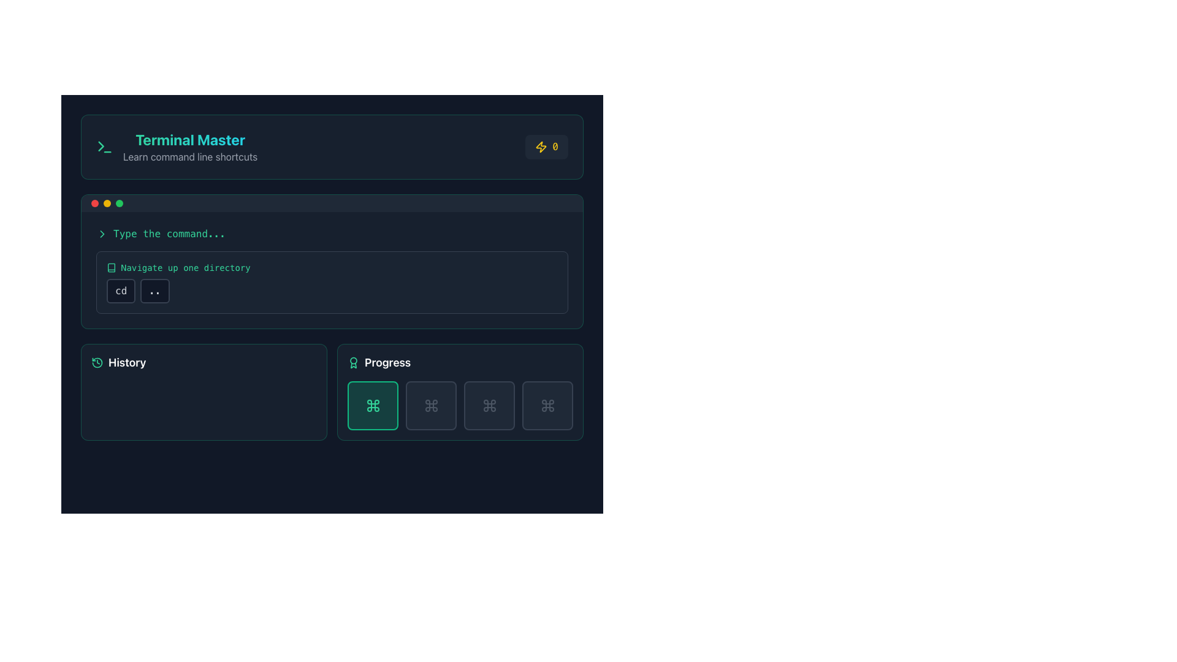 The height and width of the screenshot is (662, 1177). What do you see at coordinates (547, 406) in the screenshot?
I see `the fourth button's icon in the 'Progress' section` at bounding box center [547, 406].